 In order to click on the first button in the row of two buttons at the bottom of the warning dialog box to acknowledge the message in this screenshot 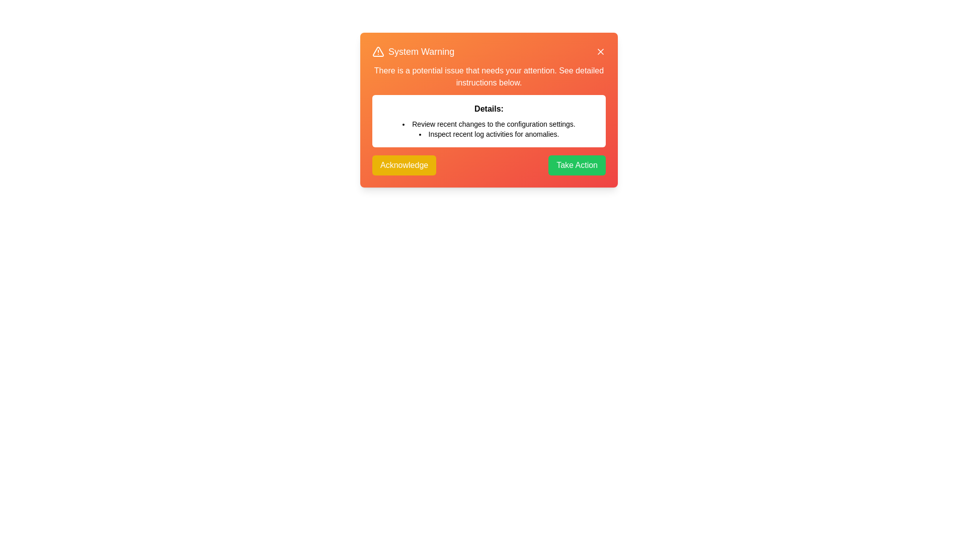, I will do `click(404, 164)`.